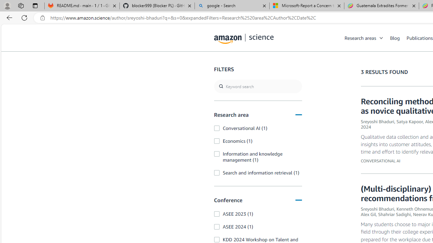 The image size is (433, 243). I want to click on 'Research areas', so click(360, 37).